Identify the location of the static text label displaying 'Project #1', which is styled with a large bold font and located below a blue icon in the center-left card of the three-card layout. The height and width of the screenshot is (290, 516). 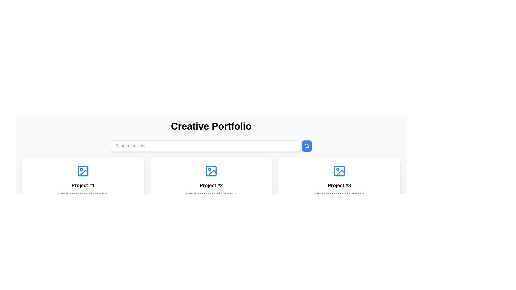
(83, 185).